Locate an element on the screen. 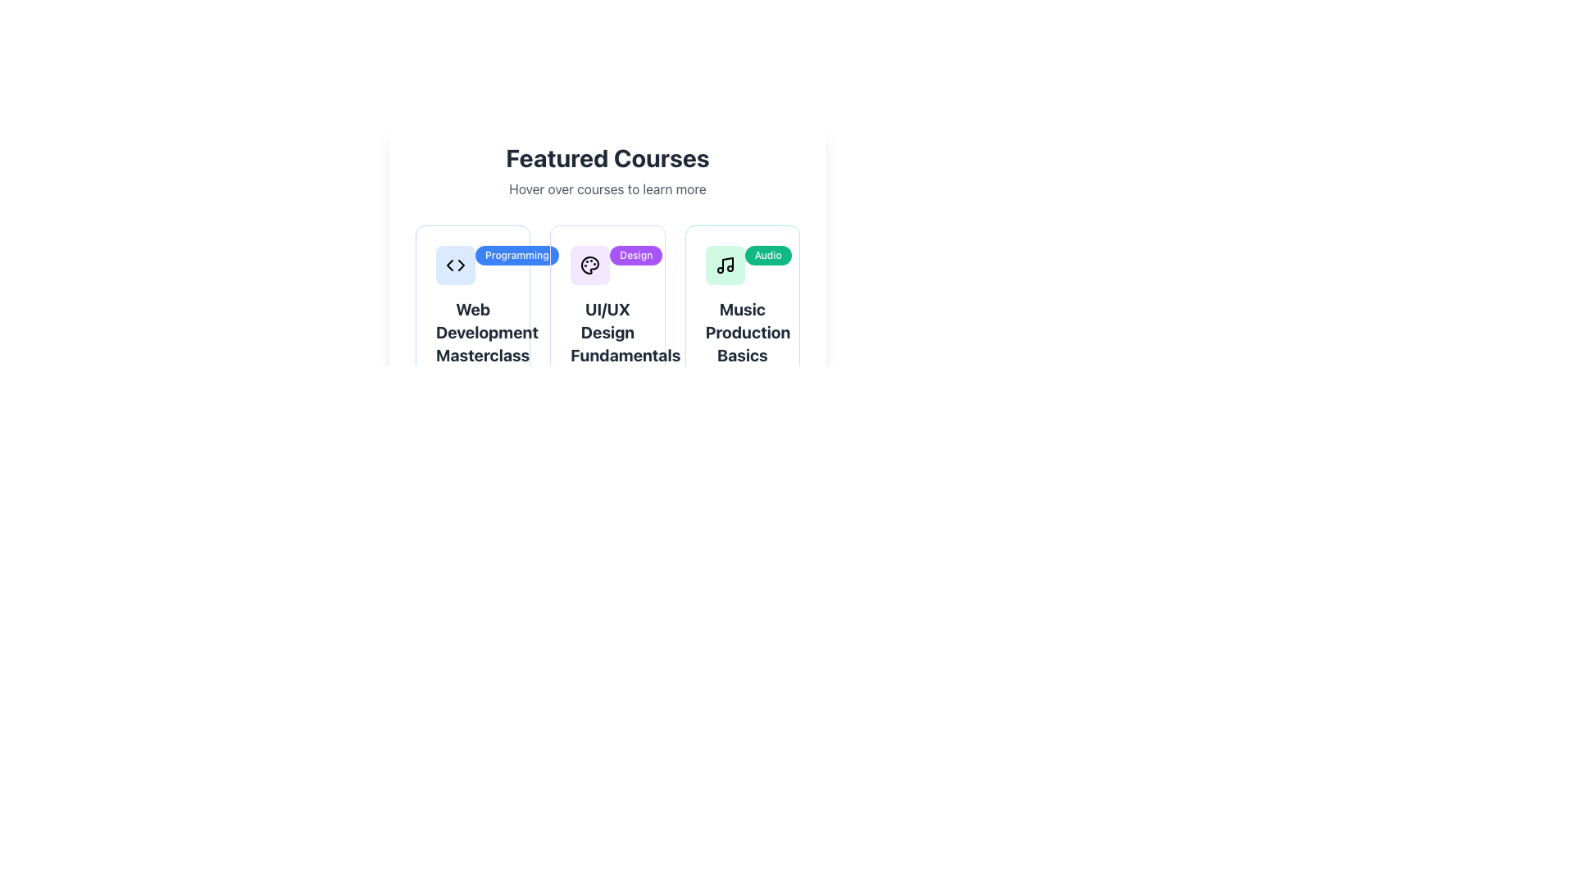  the left-pointing arrowhead icon located at the top-left corner of the 'Web Development Masterclass' card, which has a thick outline and angular design is located at coordinates (449, 265).